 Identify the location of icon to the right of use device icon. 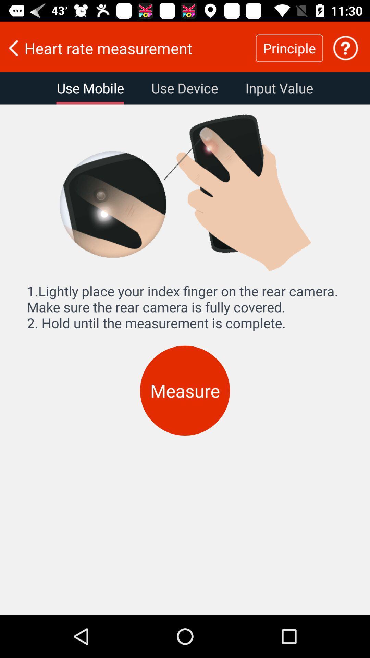
(279, 88).